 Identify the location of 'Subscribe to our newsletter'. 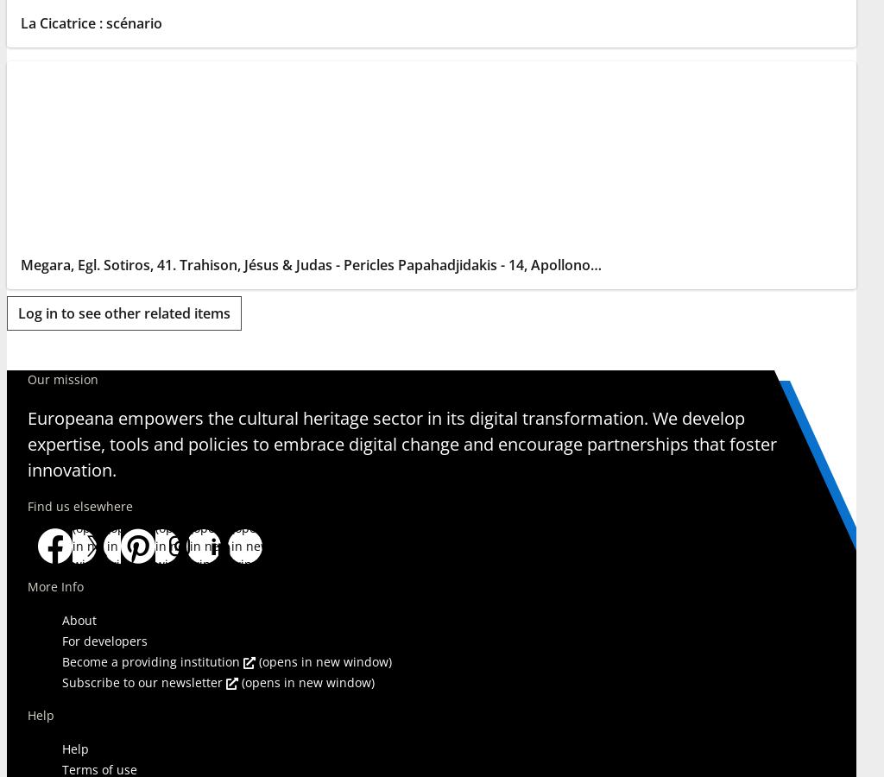
(143, 681).